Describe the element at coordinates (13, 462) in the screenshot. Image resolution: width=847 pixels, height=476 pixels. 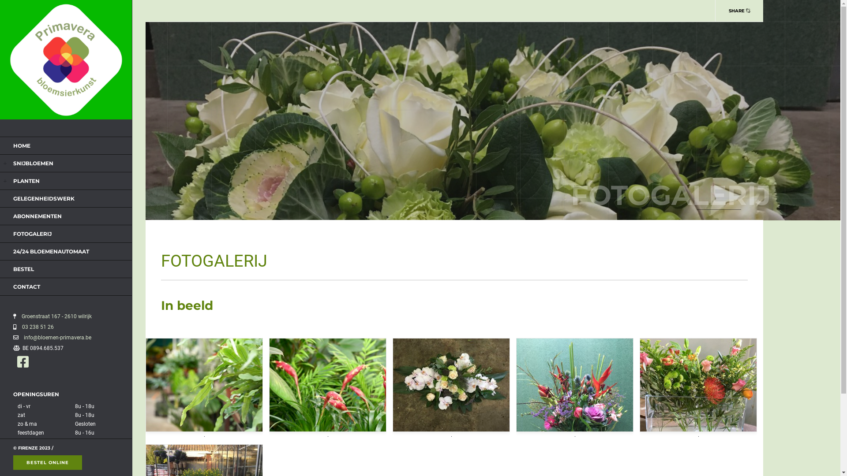
I see `'BESTEL ONLINE'` at that location.